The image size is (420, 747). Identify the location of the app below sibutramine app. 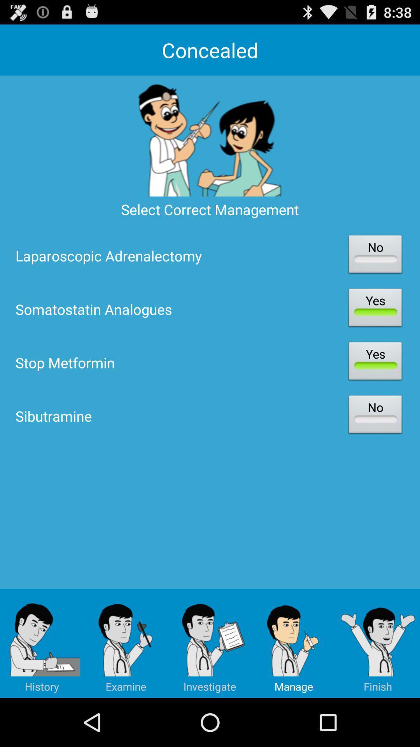
(378, 643).